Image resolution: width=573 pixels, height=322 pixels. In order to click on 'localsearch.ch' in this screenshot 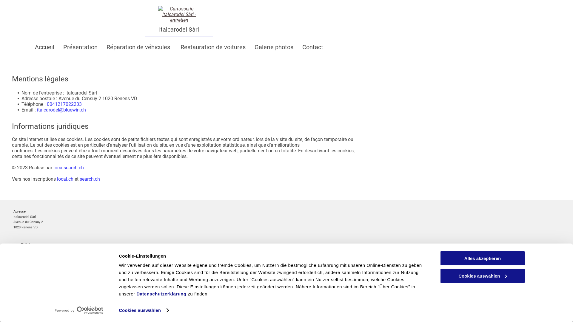, I will do `click(69, 168)`.